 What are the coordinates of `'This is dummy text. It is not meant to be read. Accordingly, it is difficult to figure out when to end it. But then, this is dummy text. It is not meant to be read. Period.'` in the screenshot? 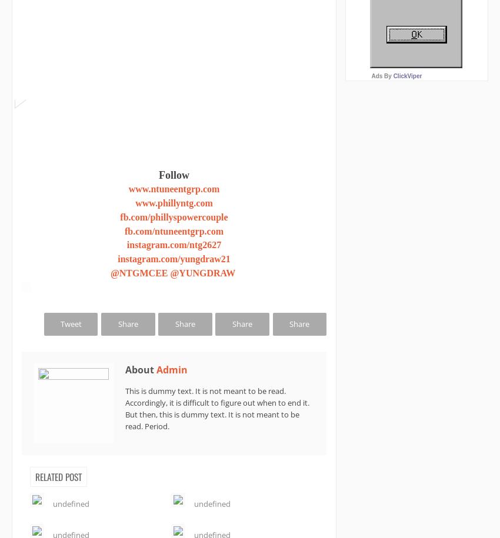 It's located at (125, 407).